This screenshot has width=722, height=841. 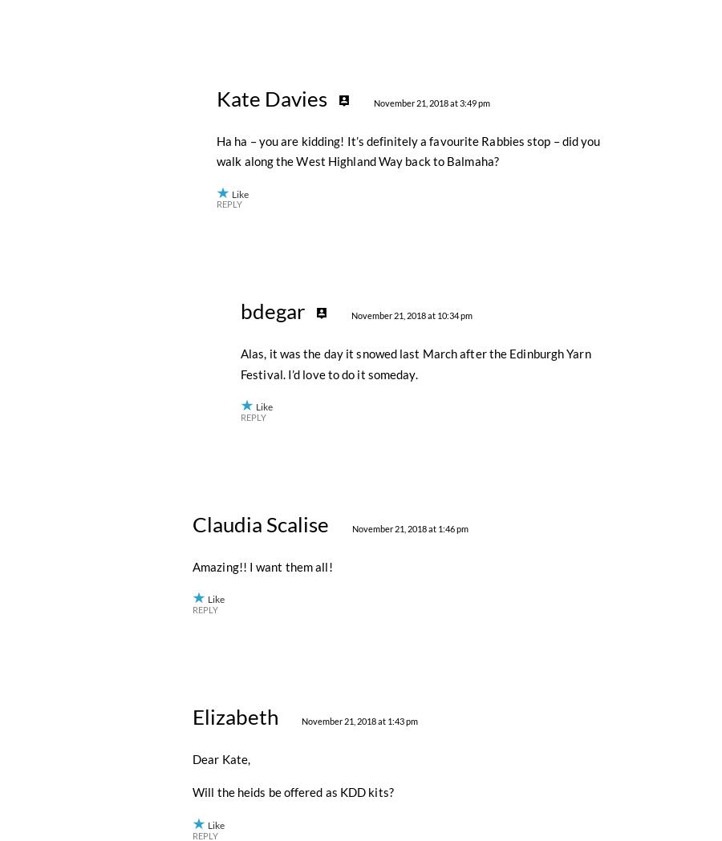 I want to click on 'Ha ha – you are kidding! It’s definitely a favourite Rabbies stop – did you walk along the West Highland Way back to Balmaha?', so click(x=408, y=503).